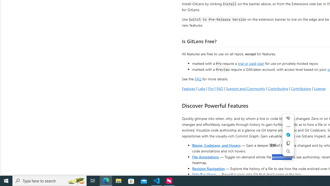 The width and height of the screenshot is (330, 186). What do you see at coordinates (288, 135) in the screenshot?
I see `'Mini menu on text selection'` at bounding box center [288, 135].